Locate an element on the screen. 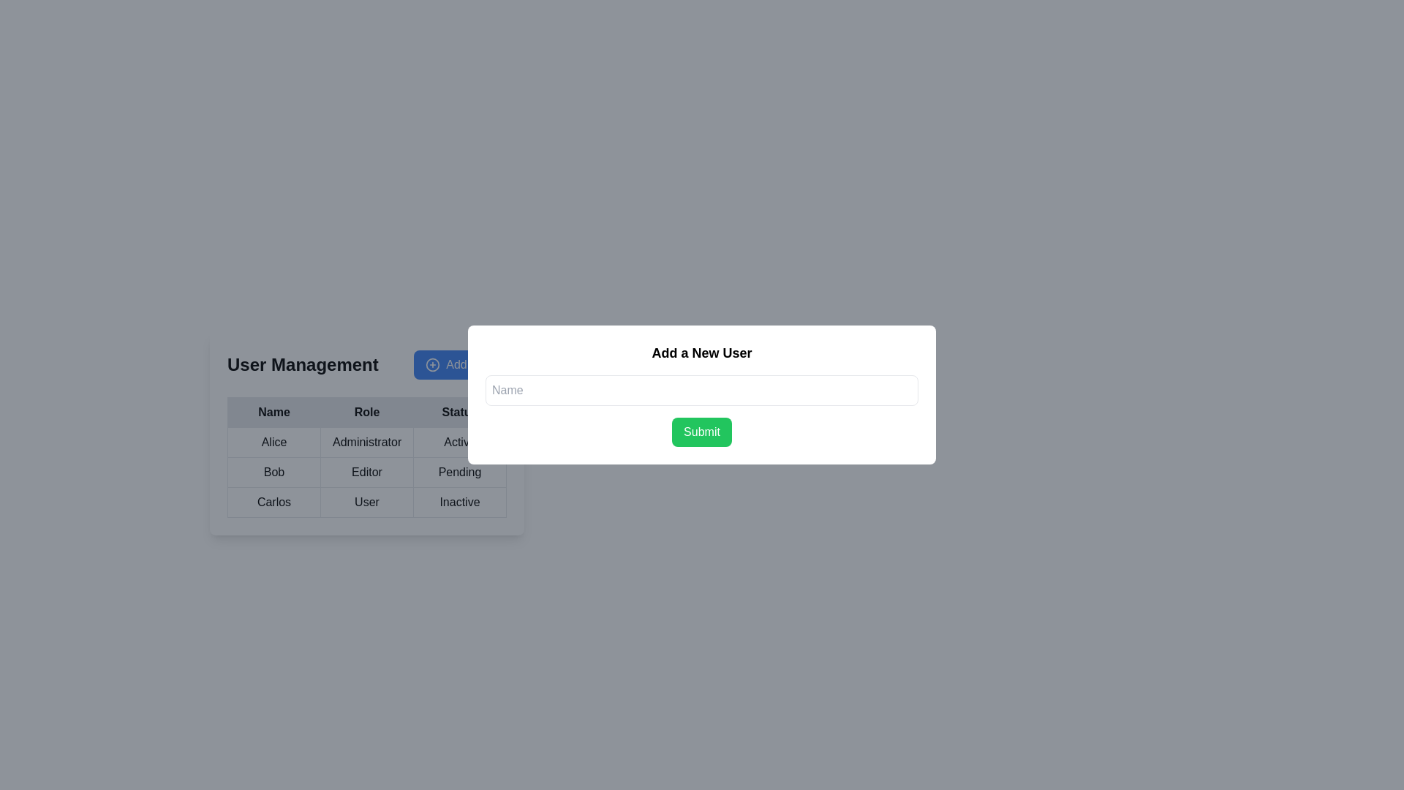  the text label displaying the name 'Carlos' in the leftmost cell of the table under the column labeled 'Name' is located at coordinates (273, 501).